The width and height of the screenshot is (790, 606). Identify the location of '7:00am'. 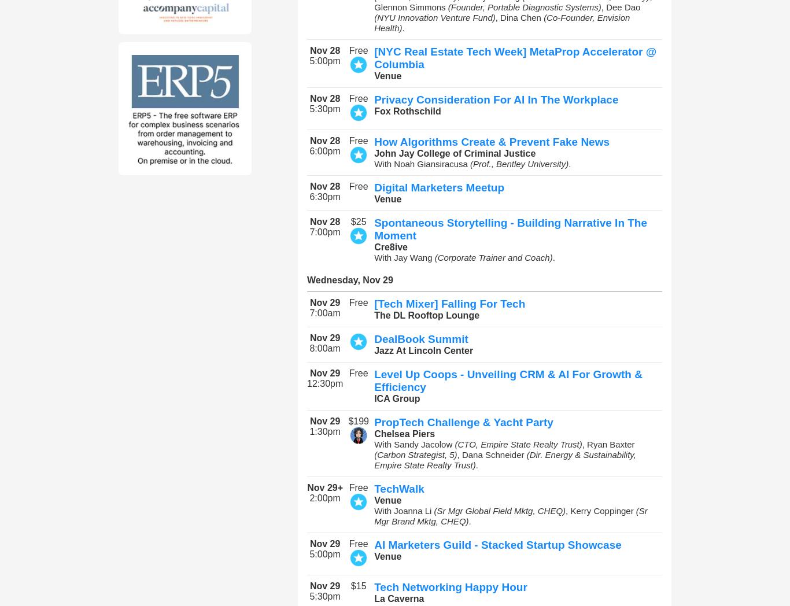
(324, 312).